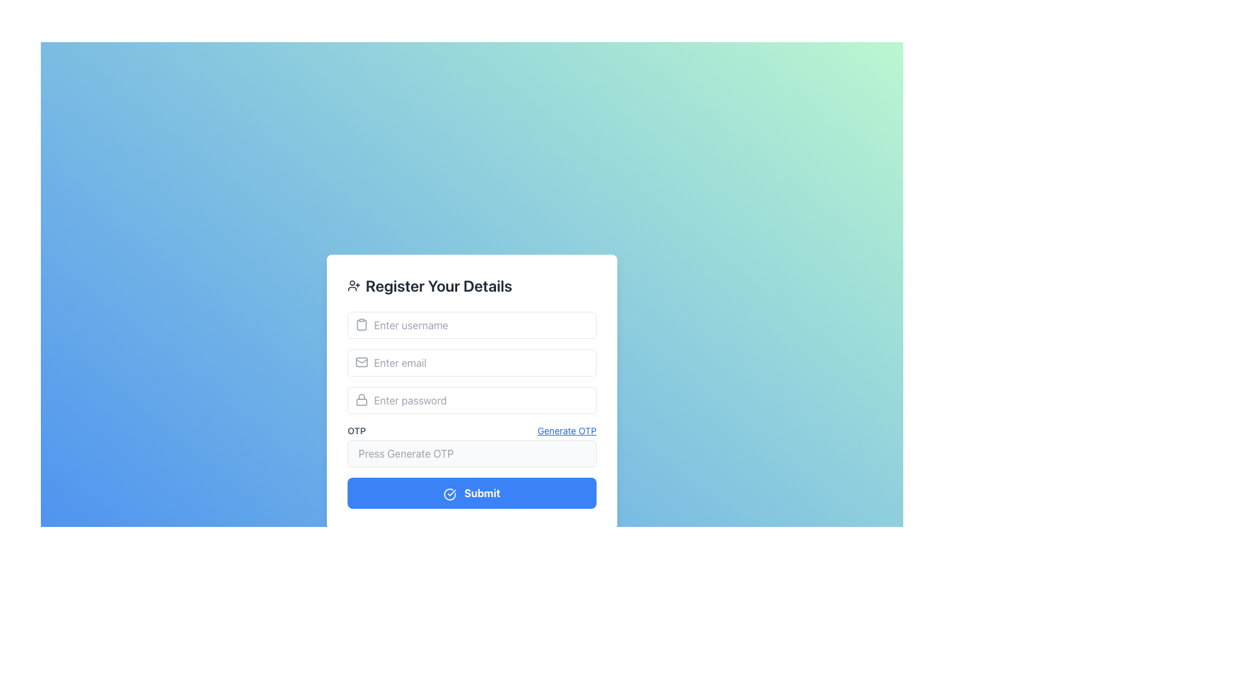 This screenshot has width=1245, height=700. Describe the element at coordinates (361, 401) in the screenshot. I see `the decorative graphical element located within the lock icon, specifically in the lower half below the curved arc, to the left of the 'Enter password' input field in the registration form` at that location.